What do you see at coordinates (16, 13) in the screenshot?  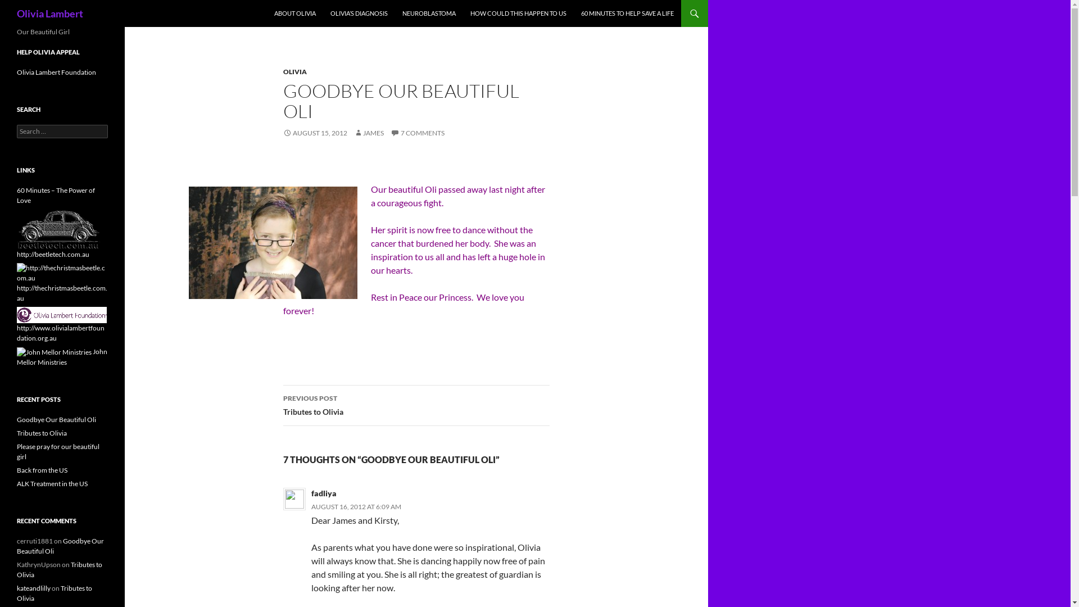 I see `'Olivia Lambert'` at bounding box center [16, 13].